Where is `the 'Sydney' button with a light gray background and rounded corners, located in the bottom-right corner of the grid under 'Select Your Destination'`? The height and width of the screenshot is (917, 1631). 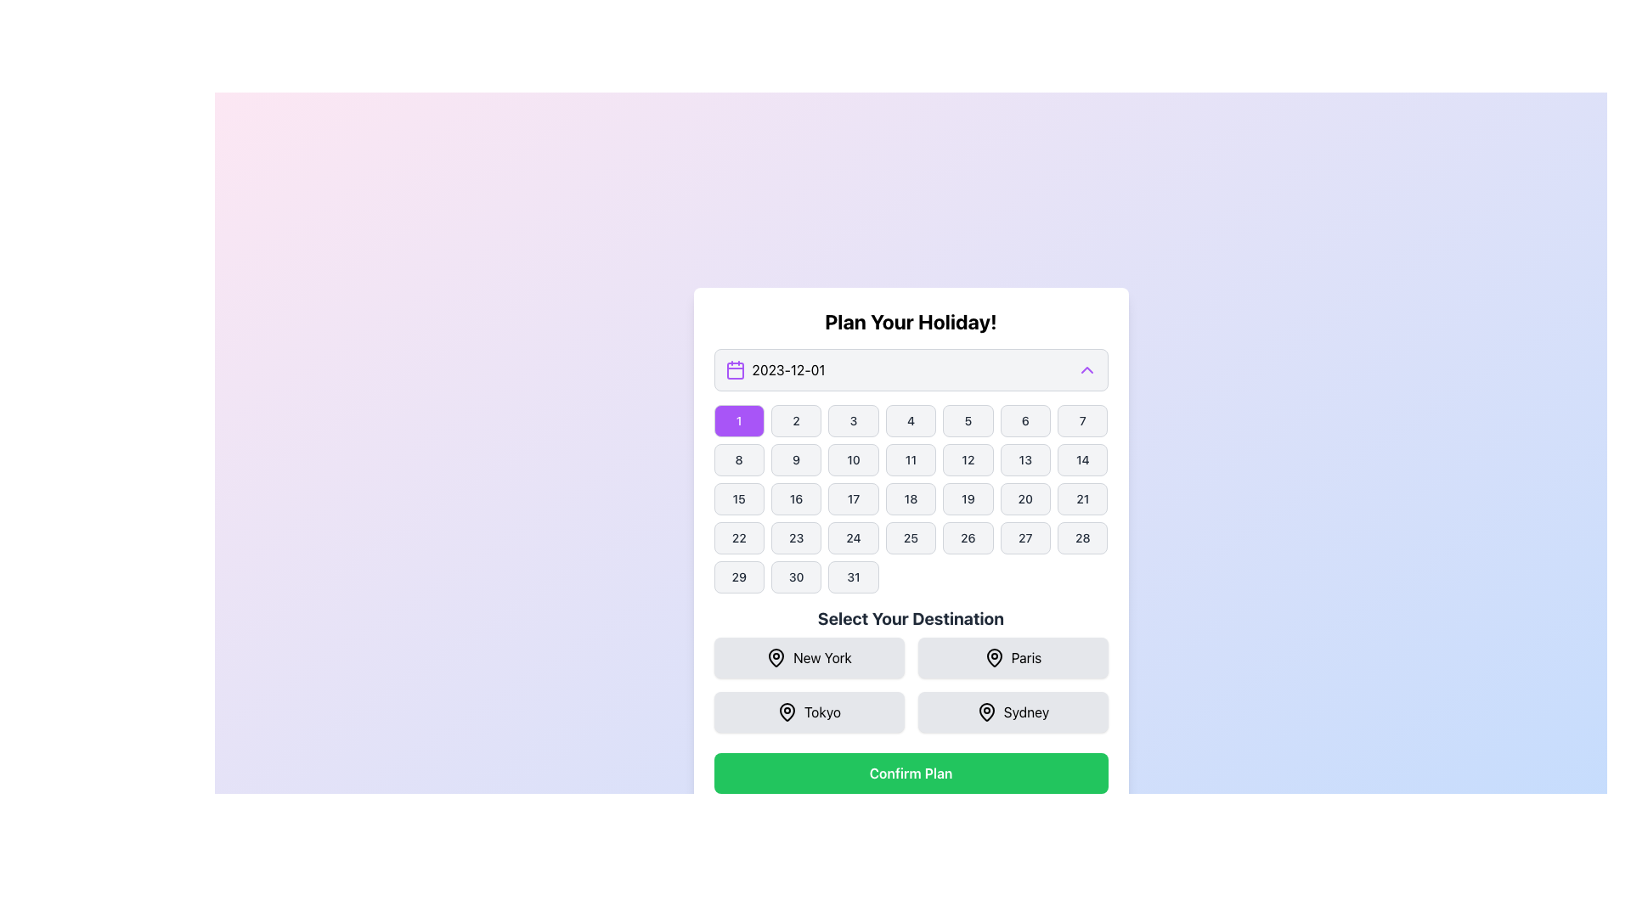 the 'Sydney' button with a light gray background and rounded corners, located in the bottom-right corner of the grid under 'Select Your Destination' is located at coordinates (1013, 712).